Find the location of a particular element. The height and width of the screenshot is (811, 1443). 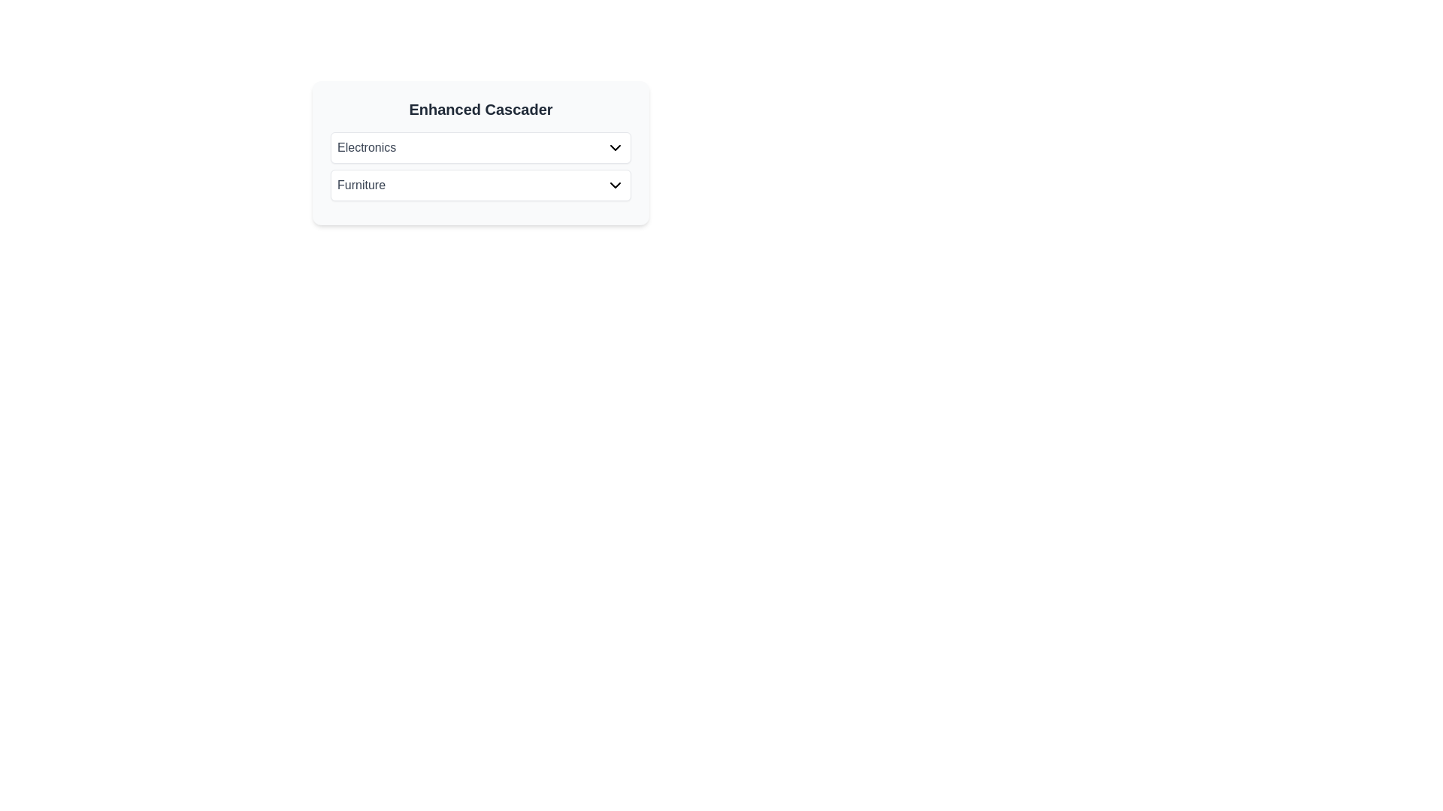

the chevron-down SVG icon located to the far right of the 'Furniture' button is located at coordinates (616, 184).